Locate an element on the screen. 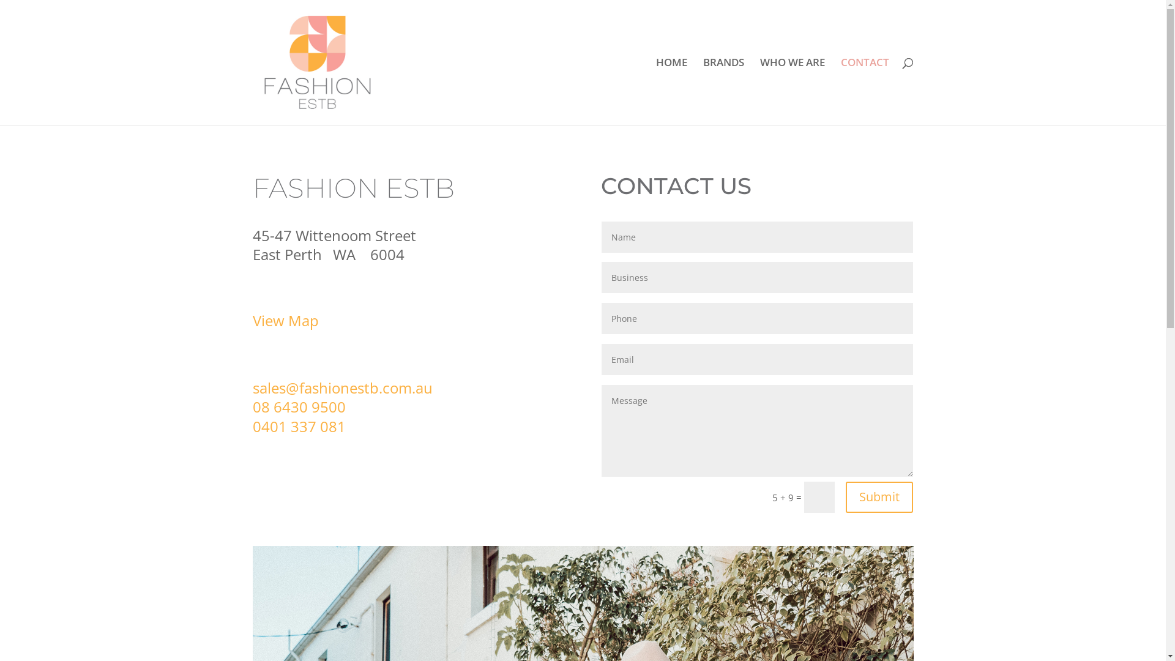 The width and height of the screenshot is (1175, 661). 'WHO WE ARE' is located at coordinates (793, 91).